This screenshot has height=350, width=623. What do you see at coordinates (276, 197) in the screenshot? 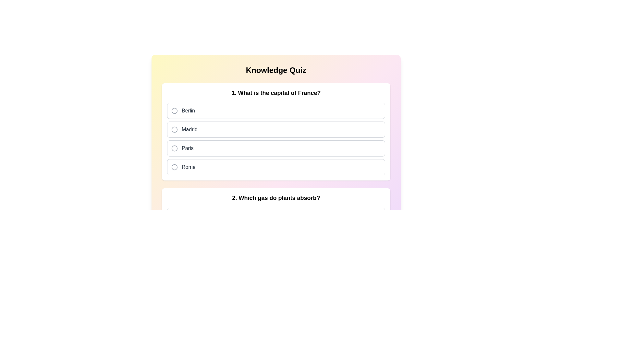
I see `question heading that states '2. Which gas do plants absorb?' located in the quiz interface, positioned below the first question heading` at bounding box center [276, 197].